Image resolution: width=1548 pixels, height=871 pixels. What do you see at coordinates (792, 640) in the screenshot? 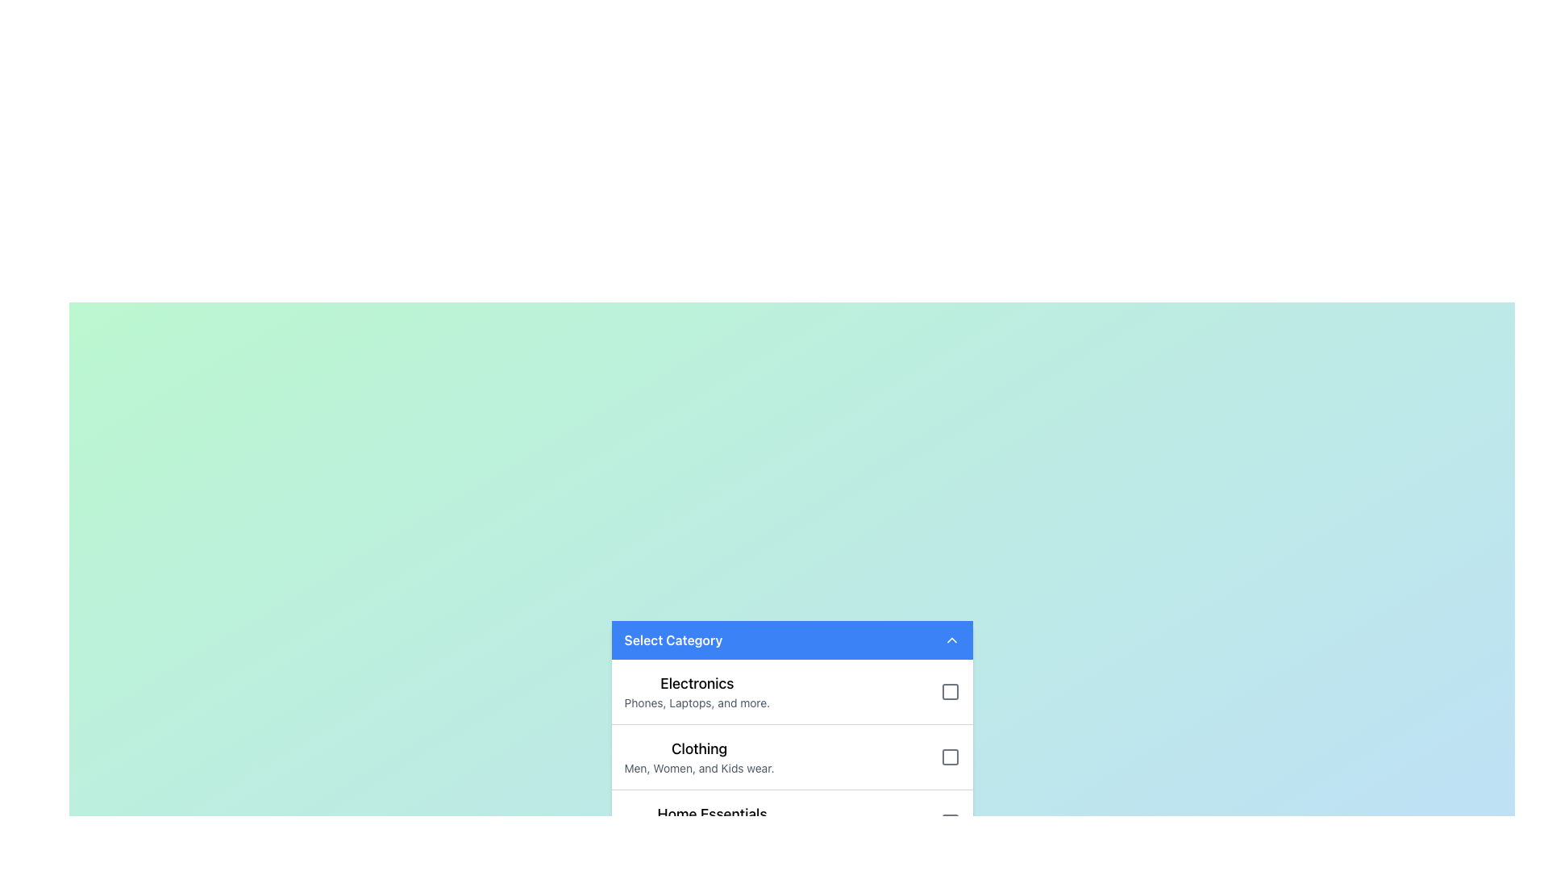
I see `the Dropdown toggle bar located at the top of the dropdown menu` at bounding box center [792, 640].